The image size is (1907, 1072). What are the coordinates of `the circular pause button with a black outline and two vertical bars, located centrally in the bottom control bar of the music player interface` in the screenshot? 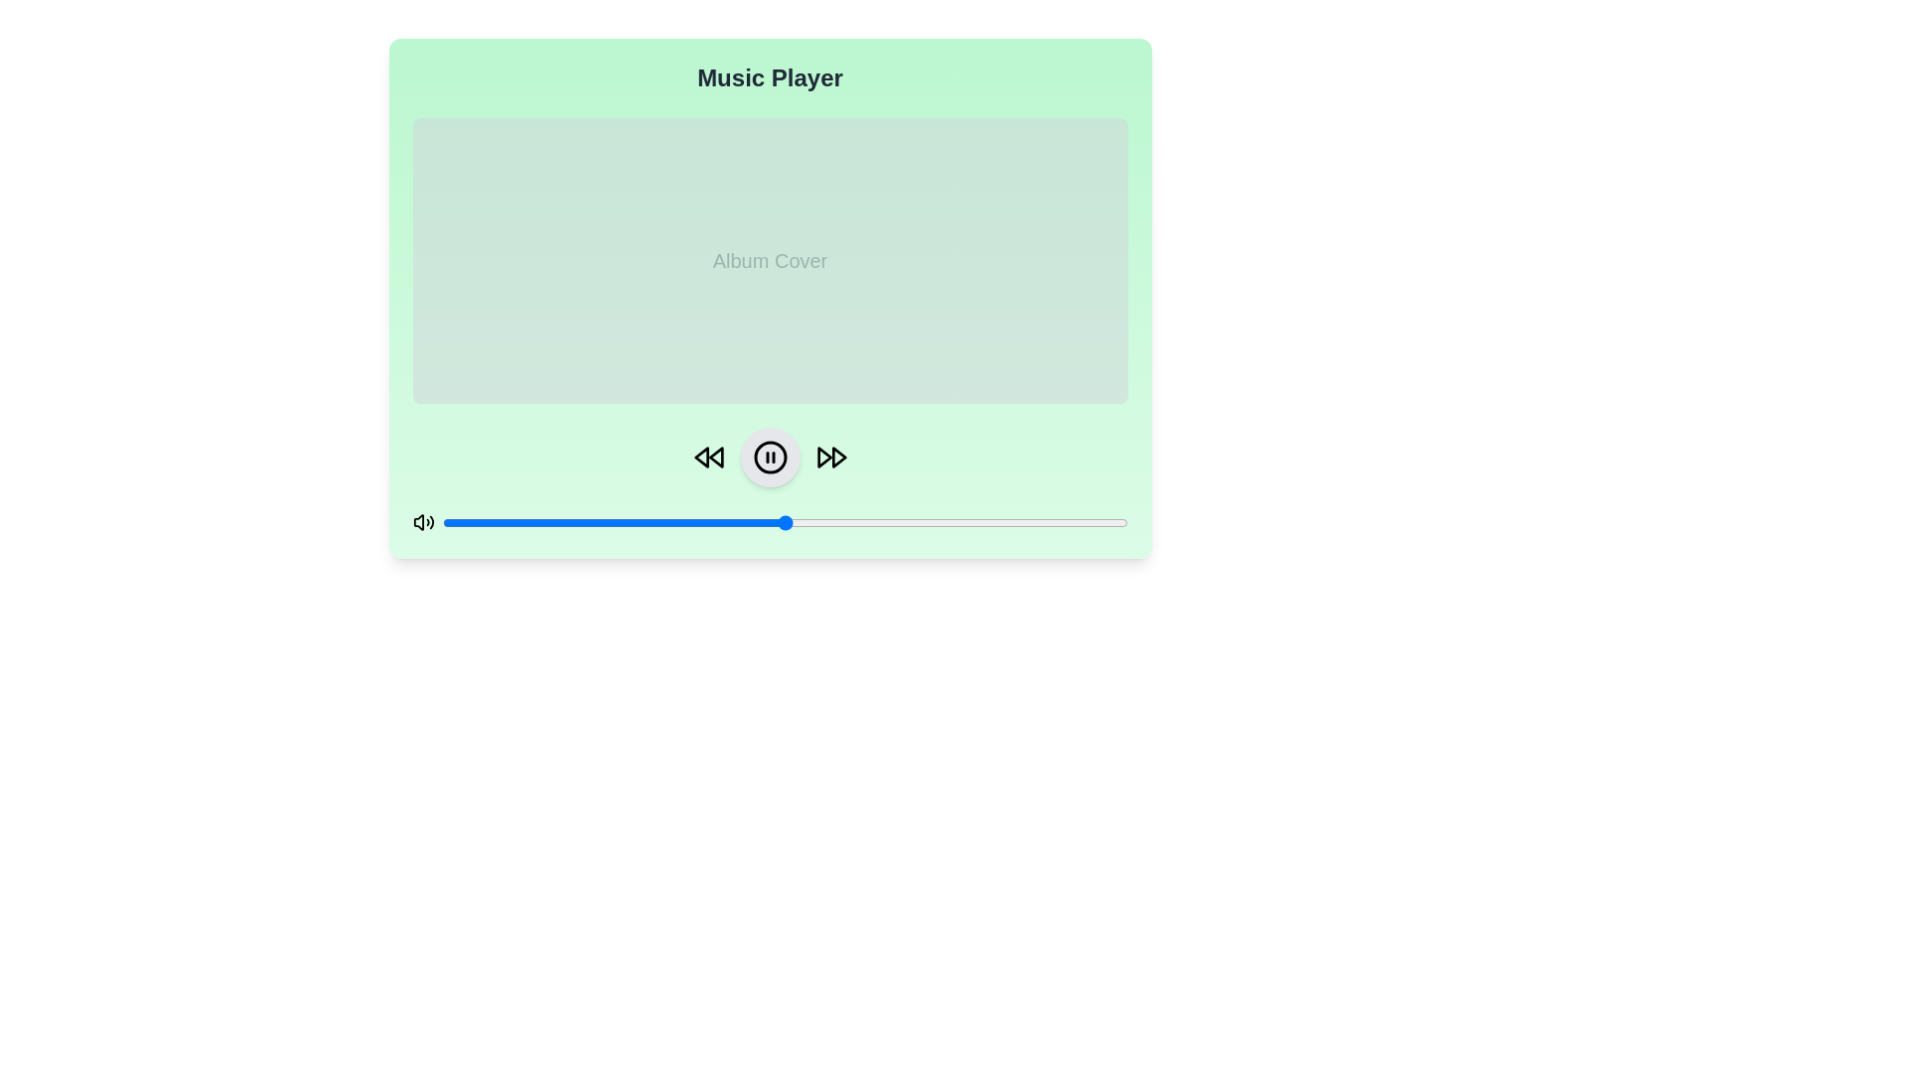 It's located at (769, 458).